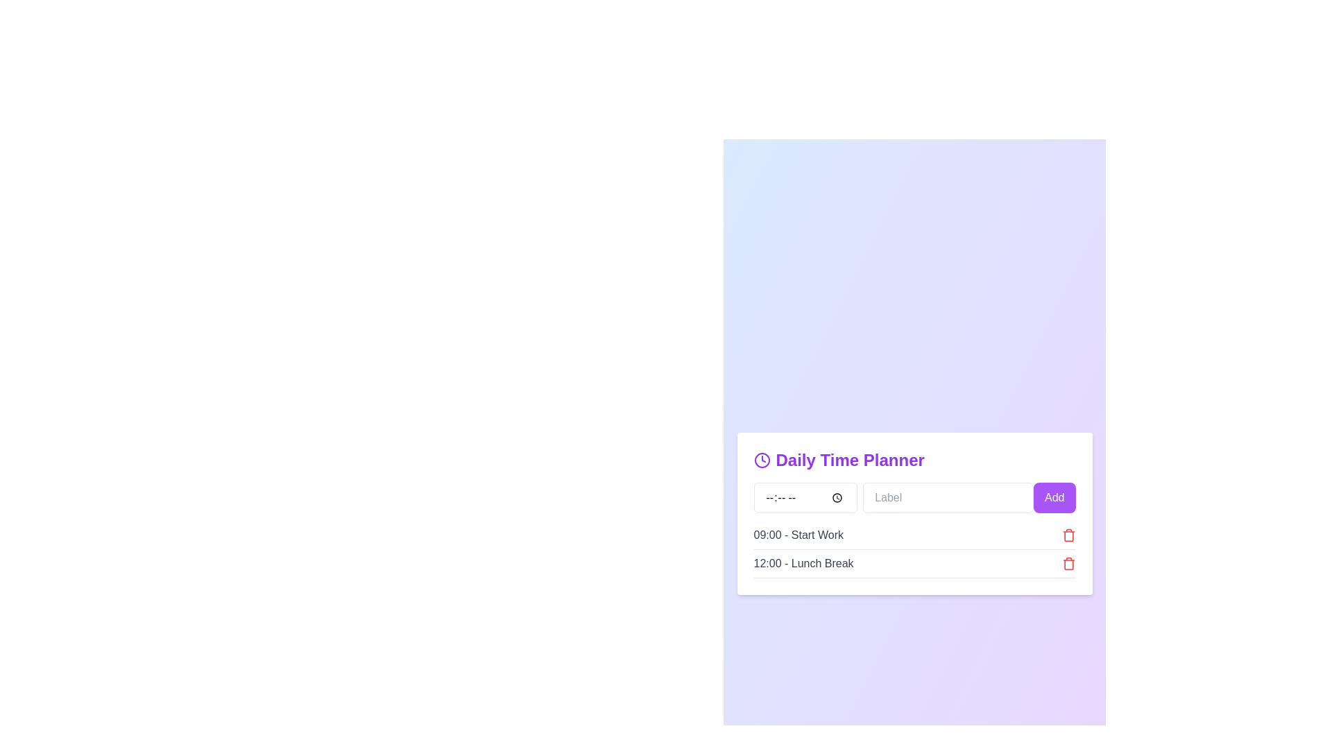  Describe the element at coordinates (805, 497) in the screenshot. I see `the time input field` at that location.